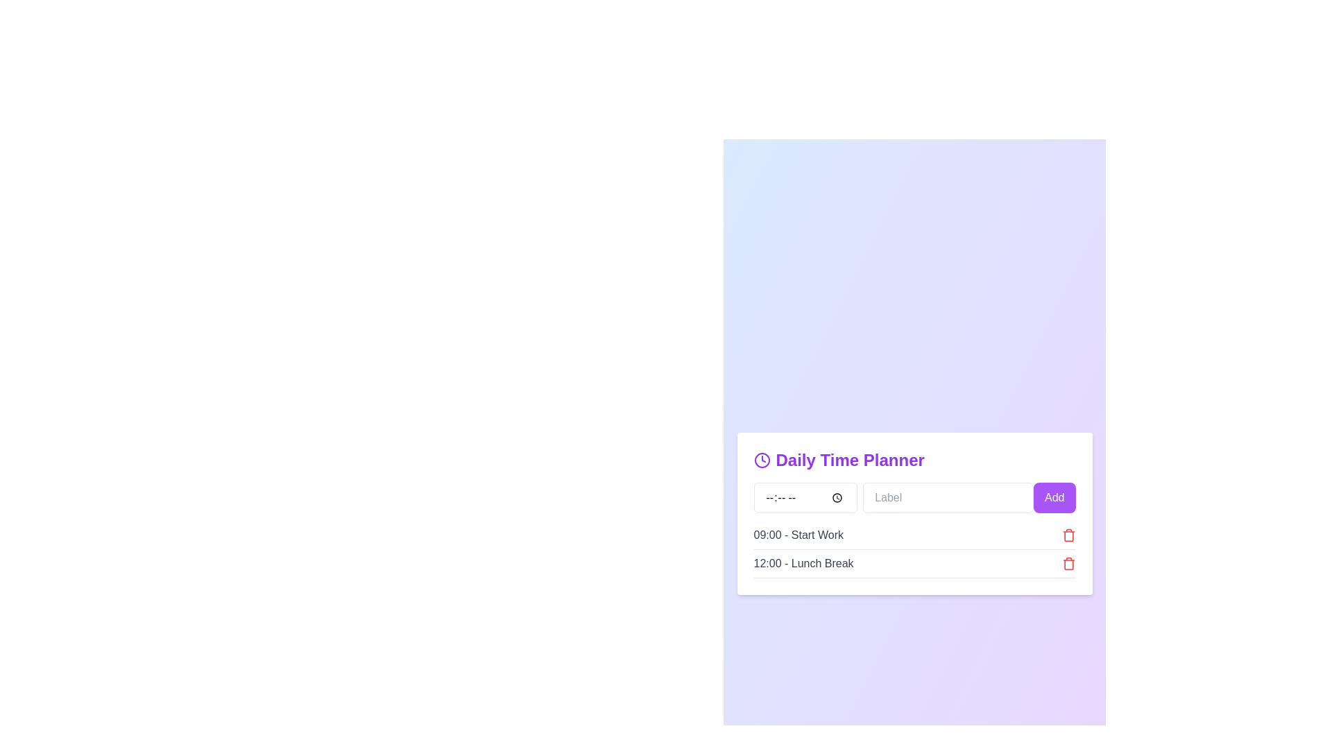  Describe the element at coordinates (805, 497) in the screenshot. I see `the time input field` at that location.